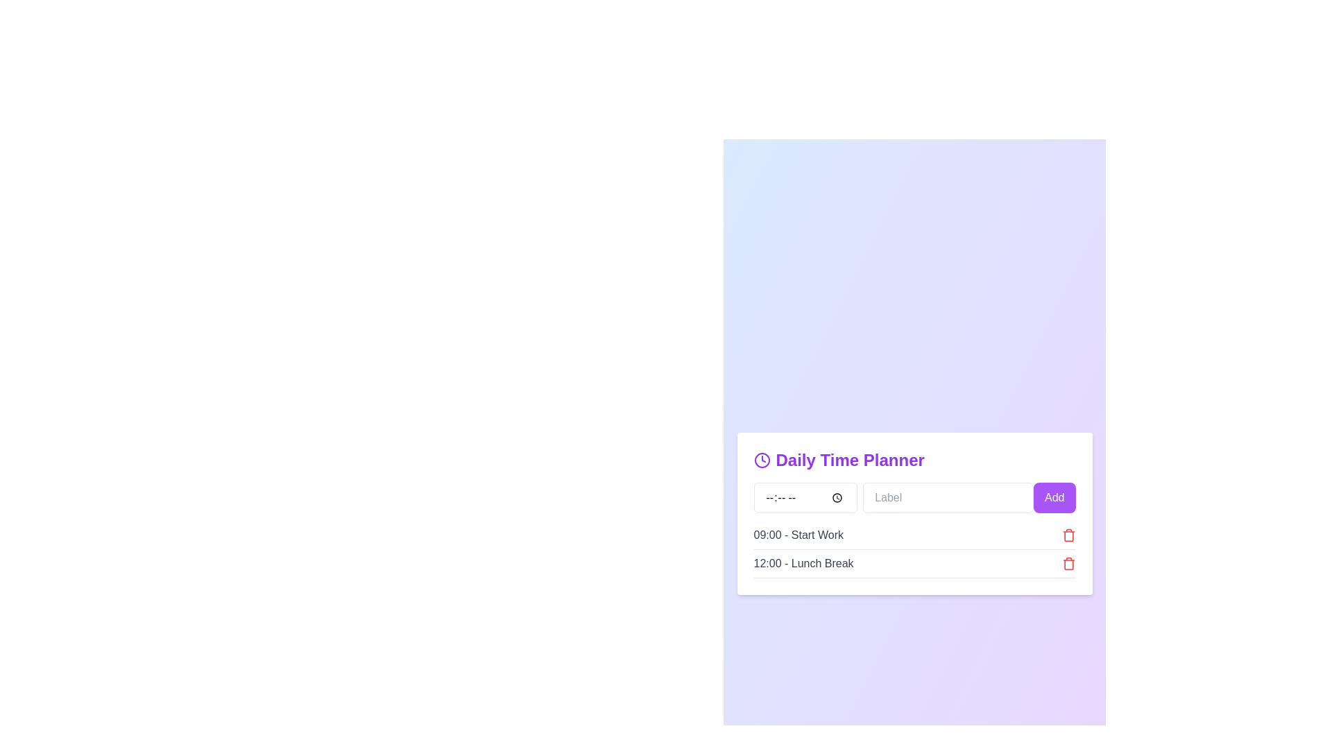  Describe the element at coordinates (805, 497) in the screenshot. I see `the time input field` at that location.